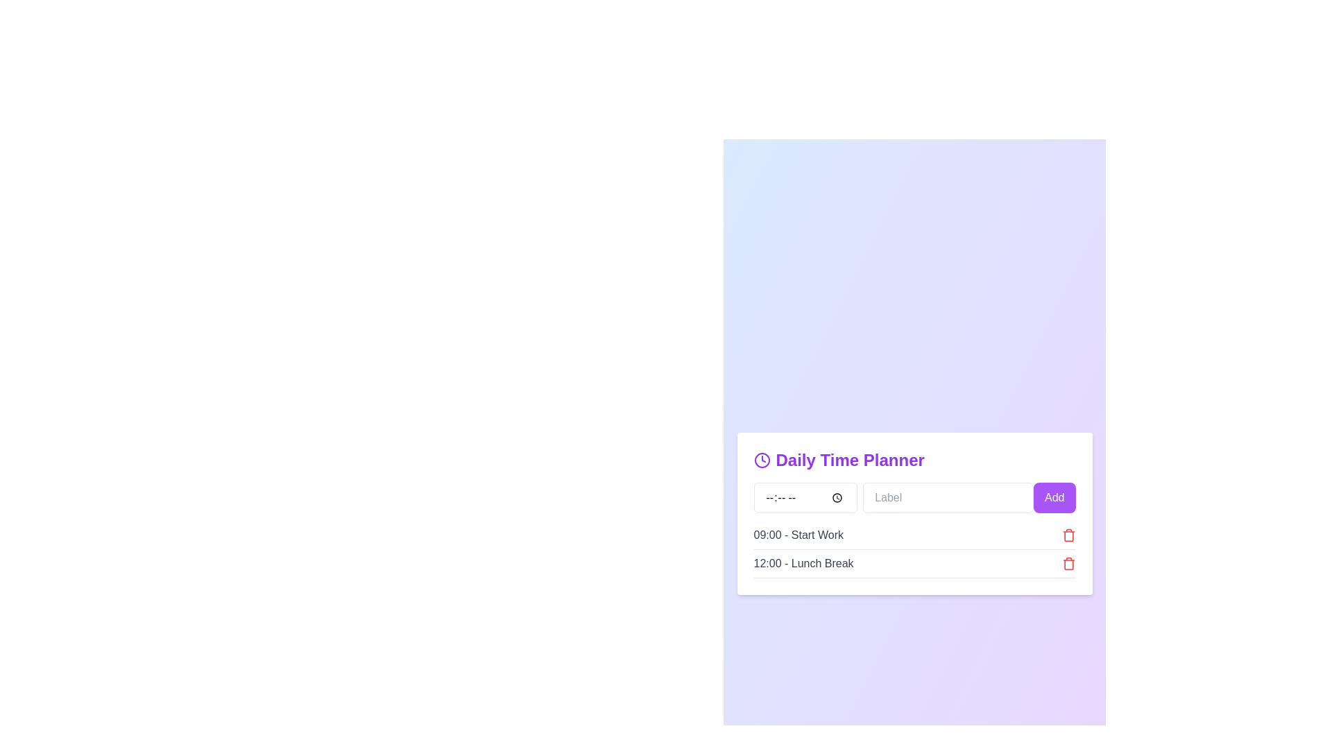  Describe the element at coordinates (805, 497) in the screenshot. I see `the time input field` at that location.